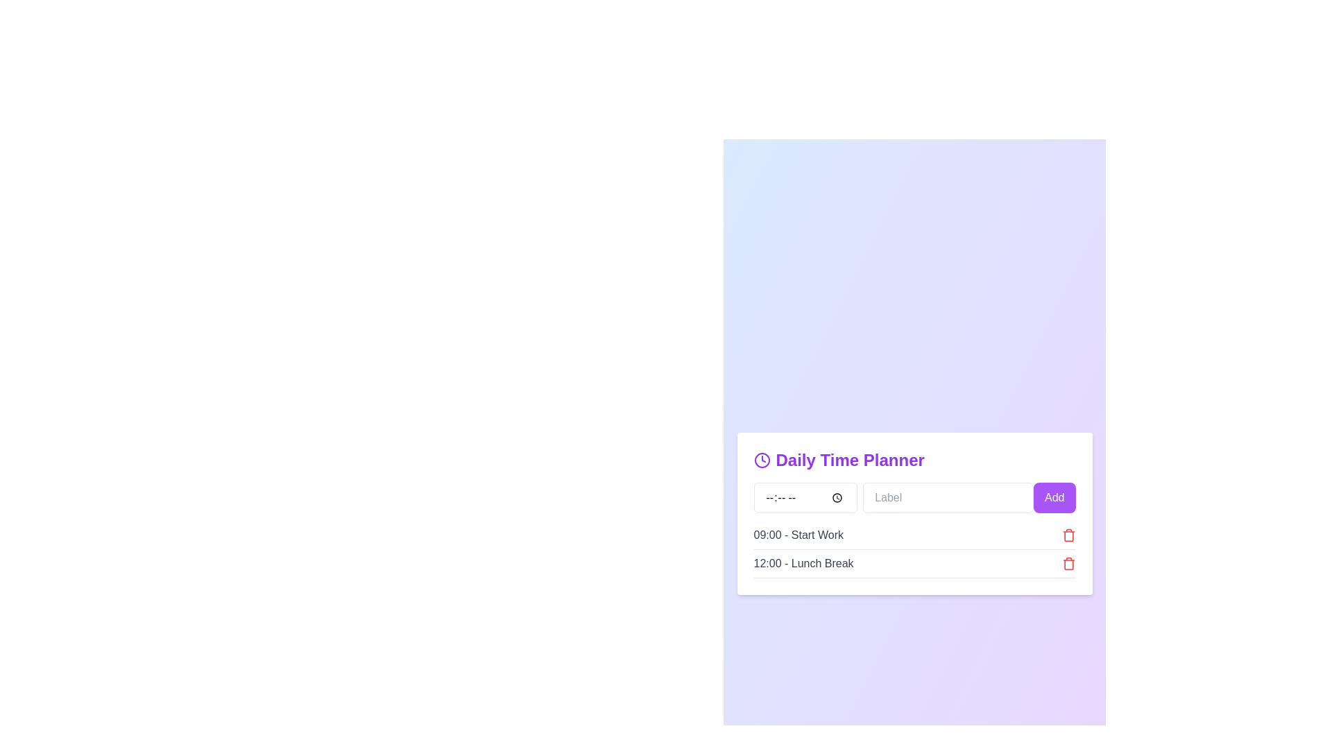  Describe the element at coordinates (805, 497) in the screenshot. I see `the time input field` at that location.